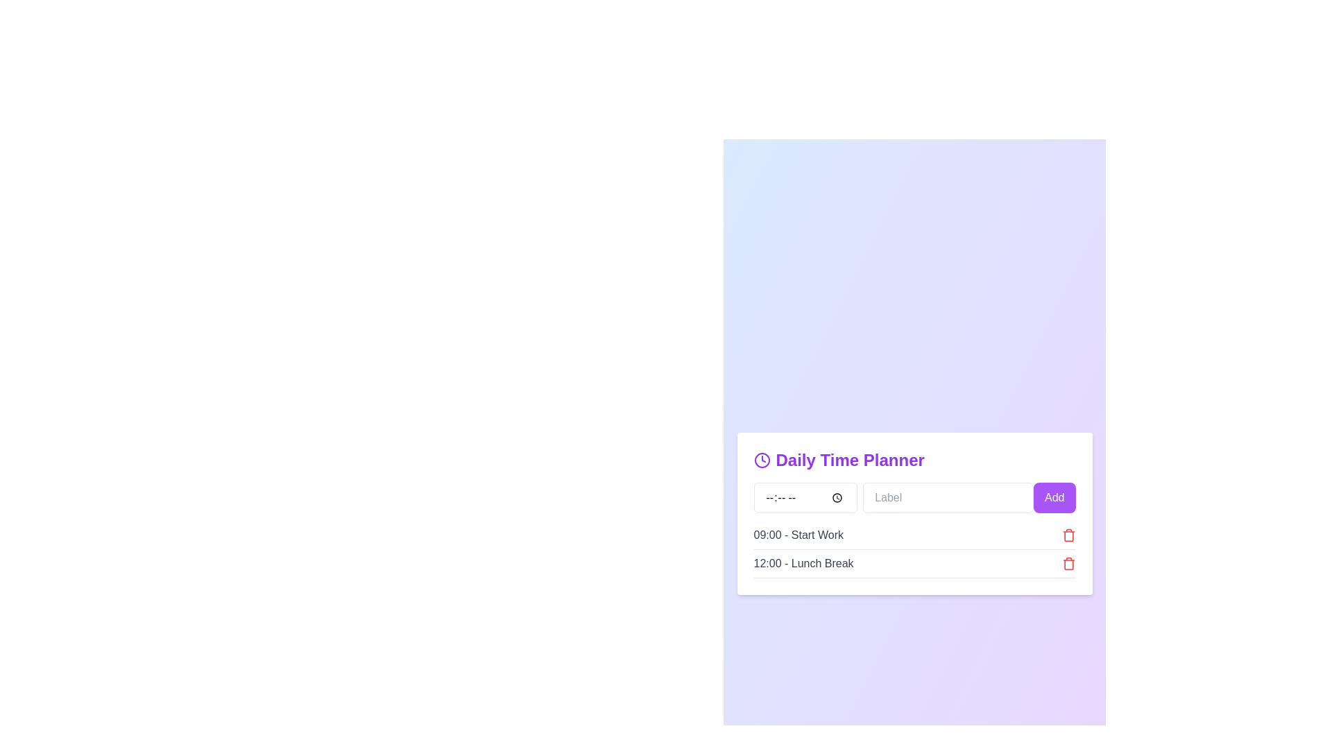  Describe the element at coordinates (805, 497) in the screenshot. I see `the time input field` at that location.